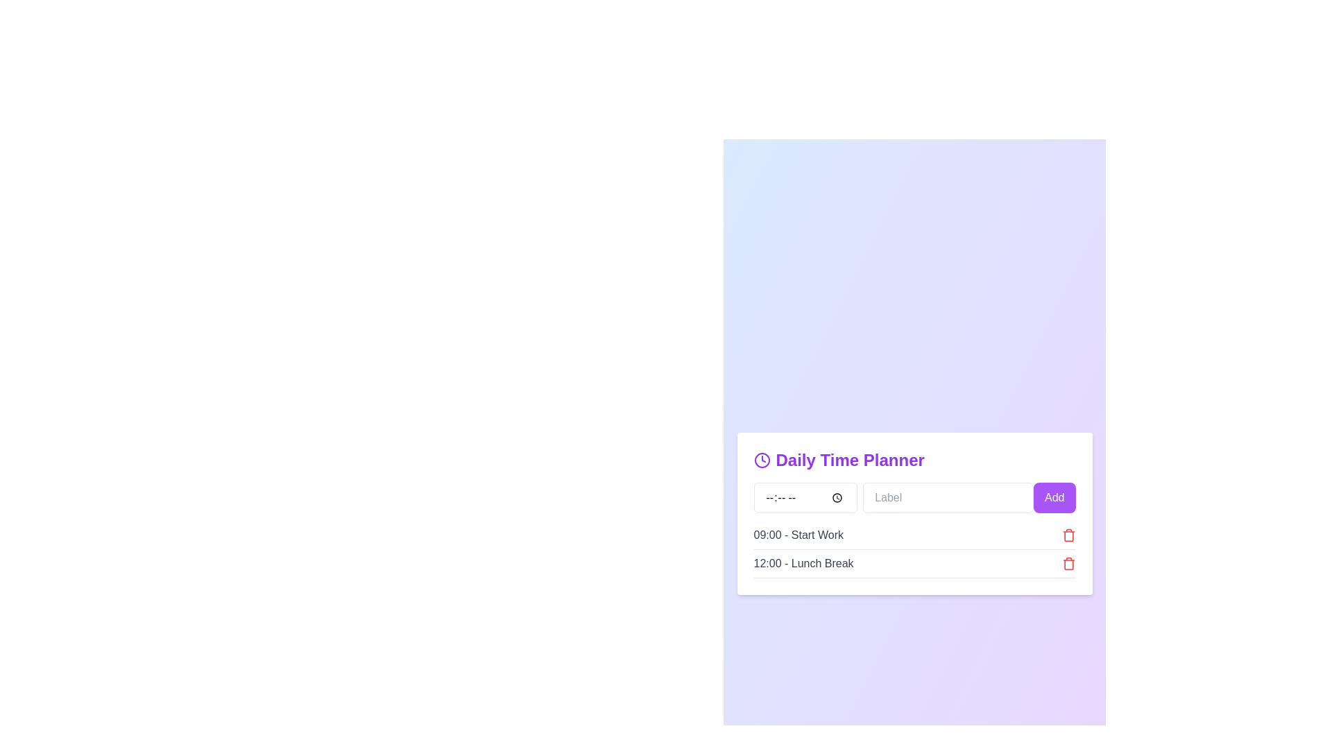  Describe the element at coordinates (805, 497) in the screenshot. I see `the time input field` at that location.